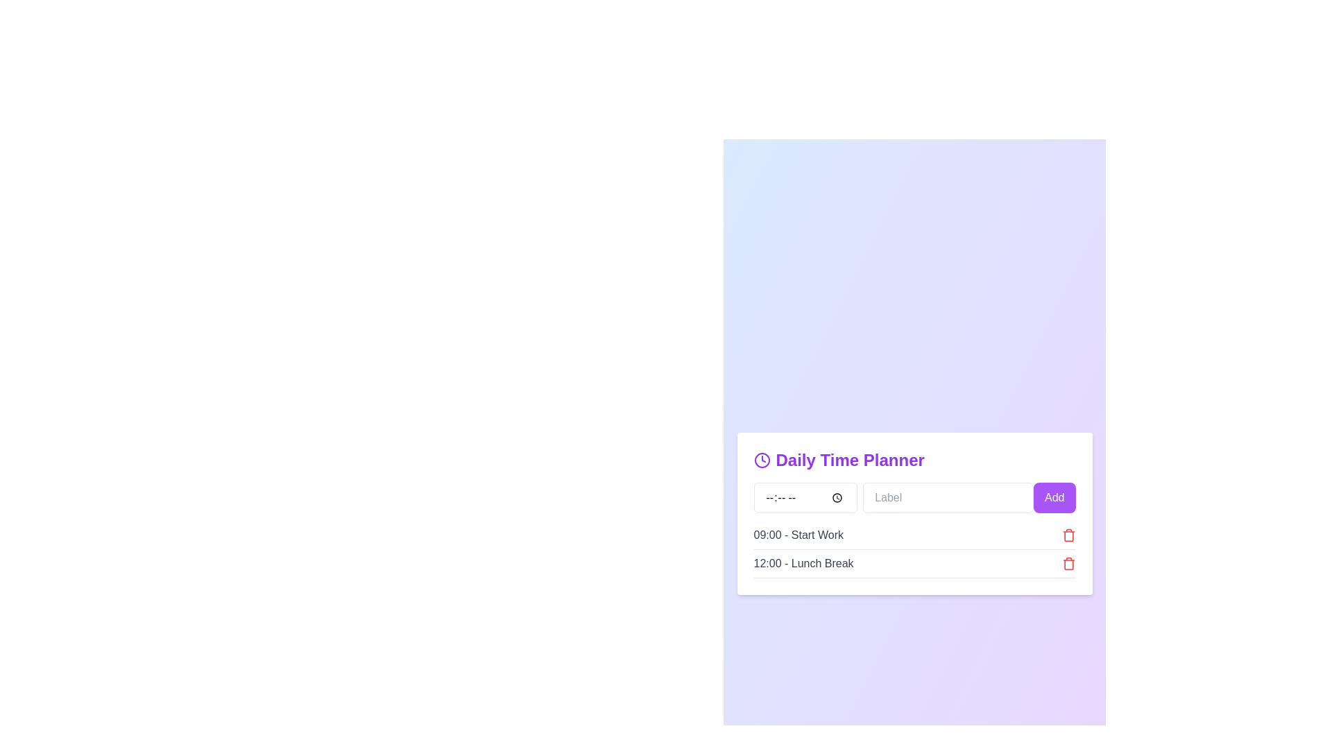  Describe the element at coordinates (805, 497) in the screenshot. I see `the time input field` at that location.